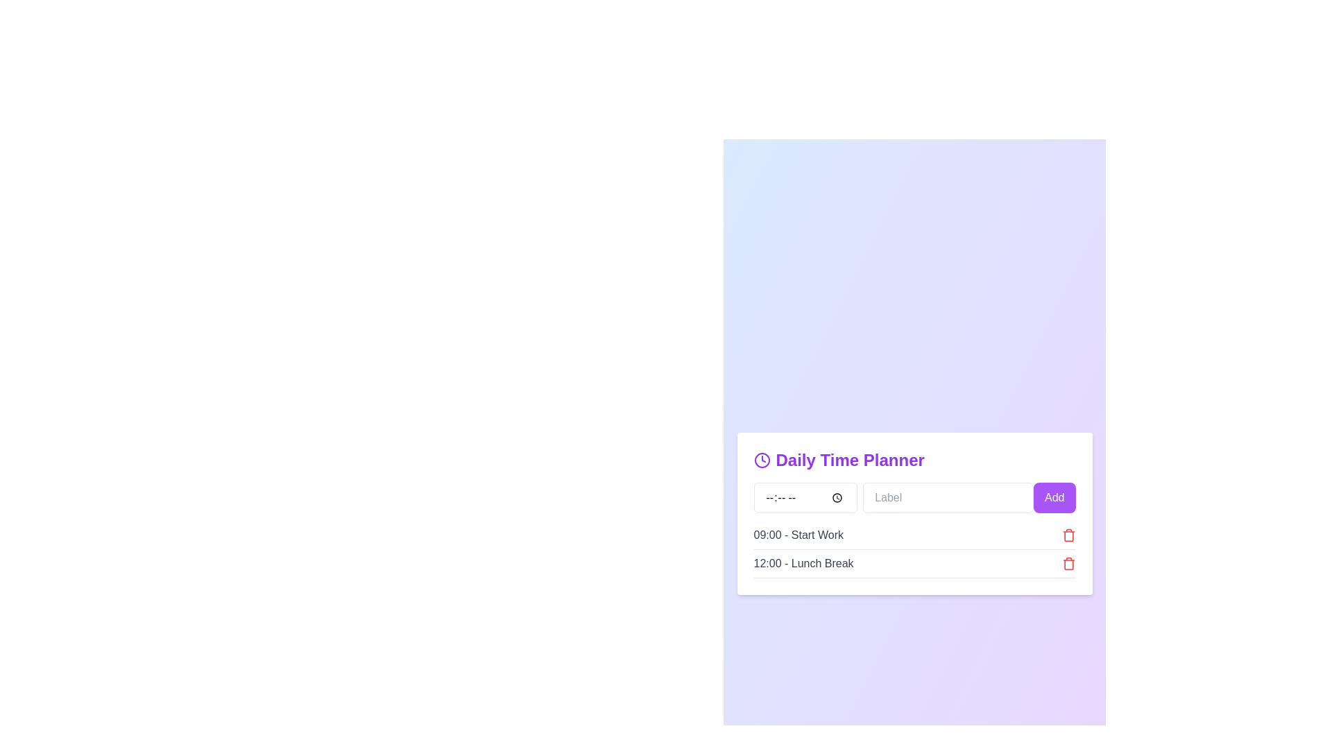  Describe the element at coordinates (805, 497) in the screenshot. I see `the time input field` at that location.